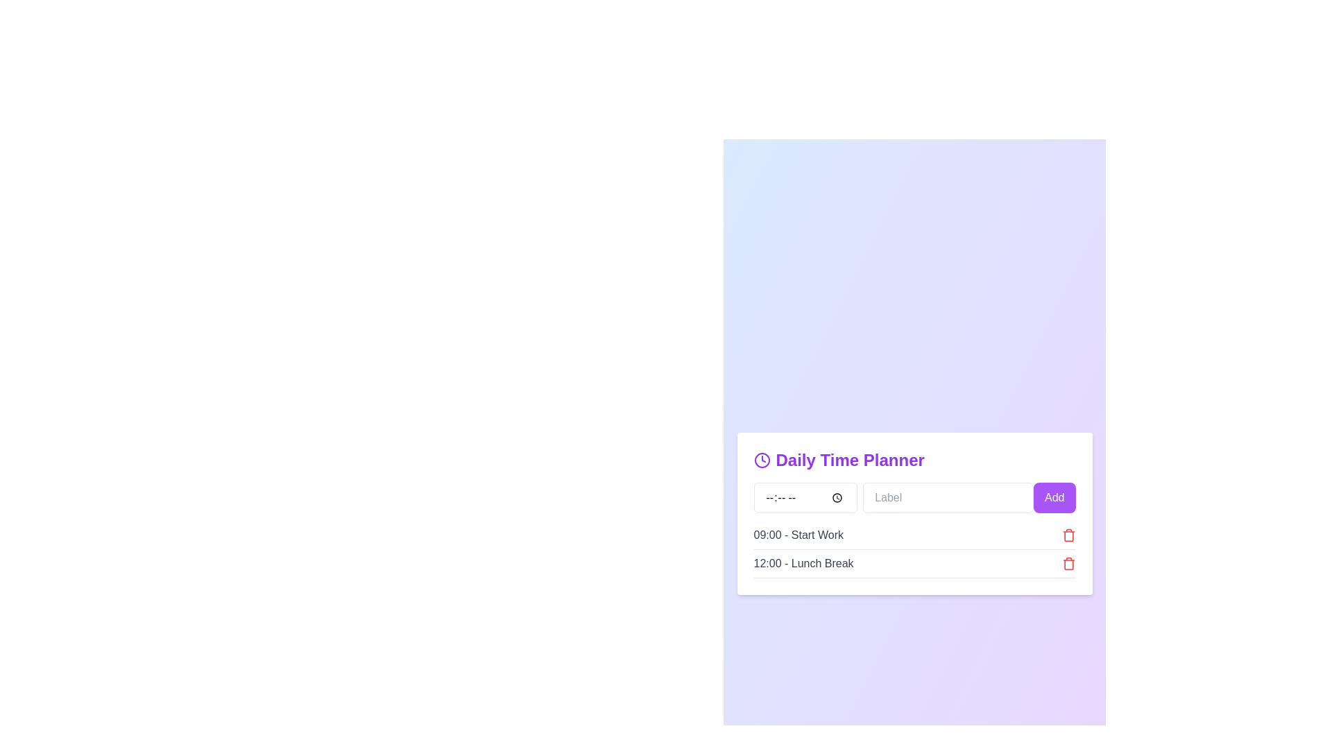  Describe the element at coordinates (805, 497) in the screenshot. I see `the time input field` at that location.